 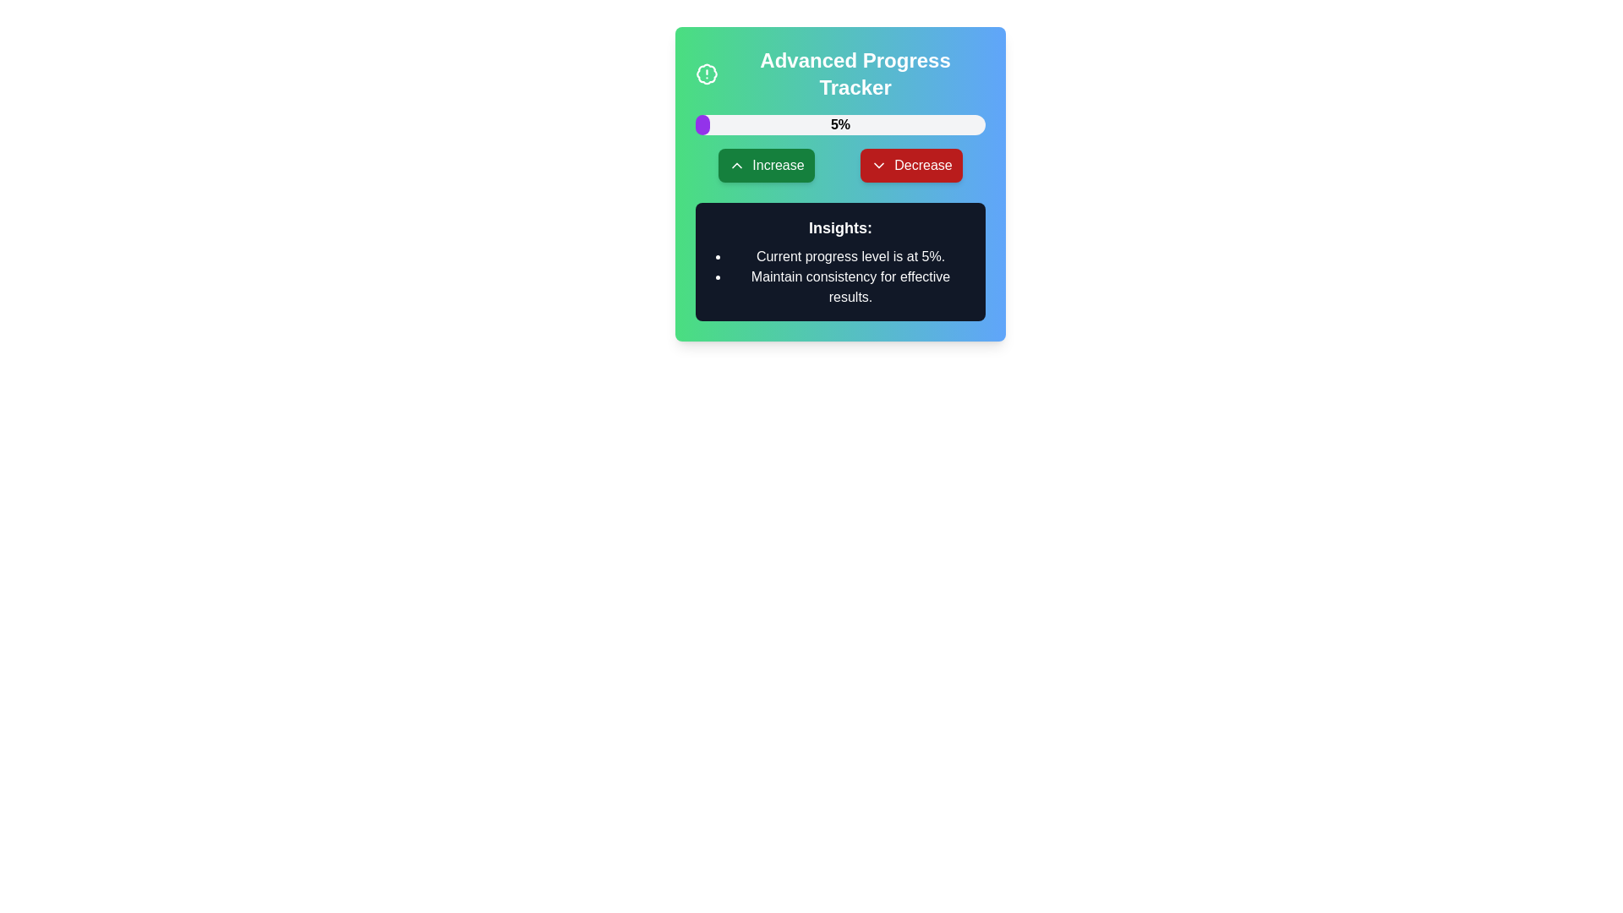 I want to click on the Bullet point list element, which displays information about current progress and consistency, located within the 'Insights:' section below the progress tracker, so click(x=840, y=276).